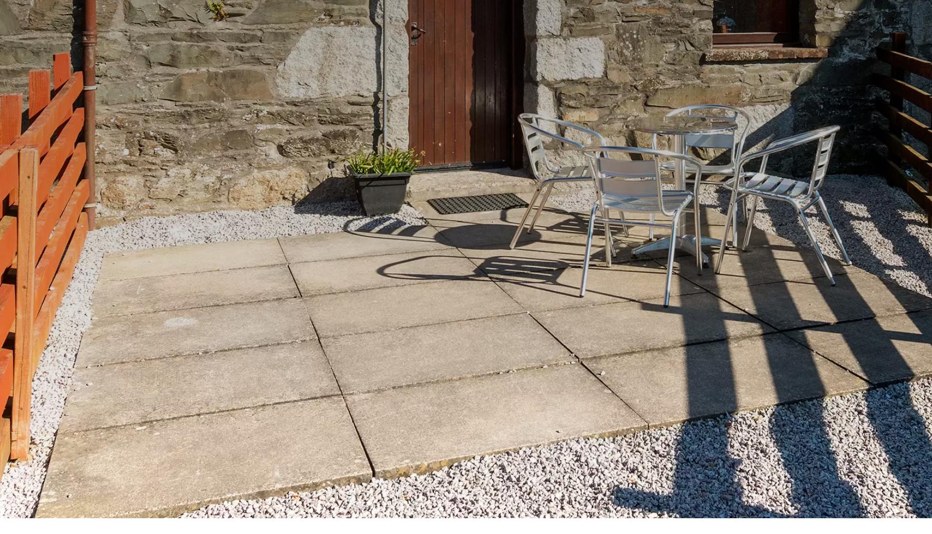 This screenshot has height=534, width=932. Describe the element at coordinates (286, 506) in the screenshot. I see `'This site uses cookies.'` at that location.